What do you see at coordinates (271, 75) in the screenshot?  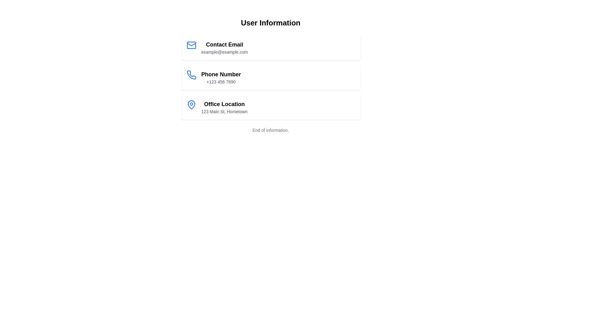 I see `the phone number display component, which is located in the second vertical section of user contact details, positioned below the 'Contact Email' section and above the 'Office Location' section` at bounding box center [271, 75].